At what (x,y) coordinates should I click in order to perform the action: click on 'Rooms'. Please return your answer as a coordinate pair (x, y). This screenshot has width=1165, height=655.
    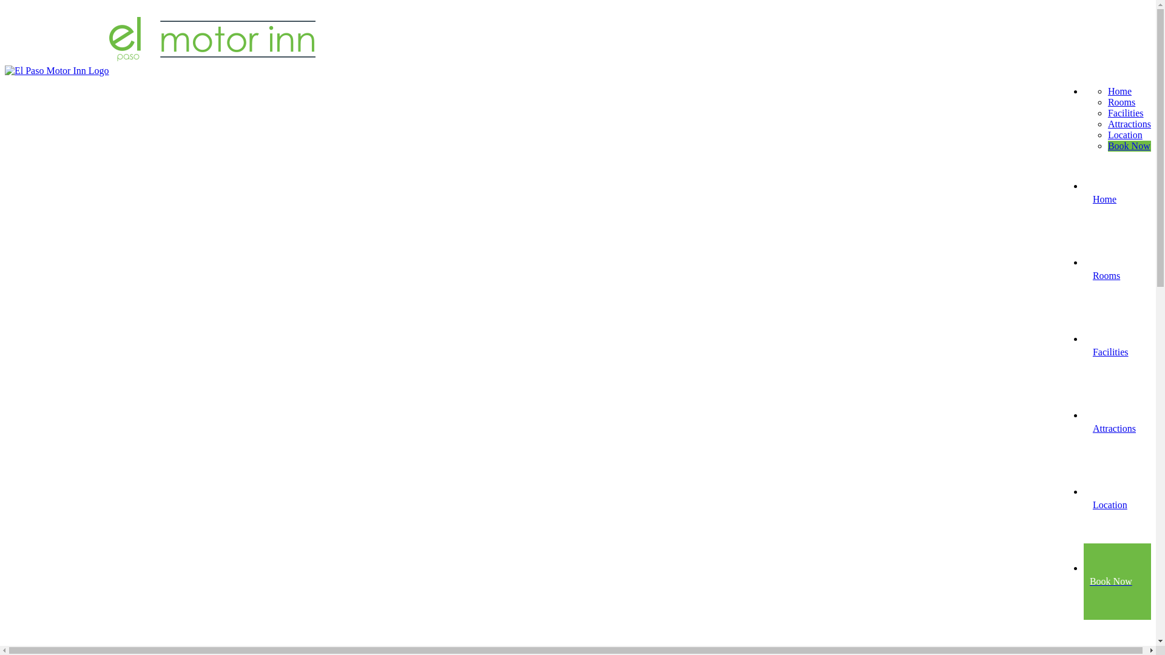
    Looking at the image, I should click on (1116, 275).